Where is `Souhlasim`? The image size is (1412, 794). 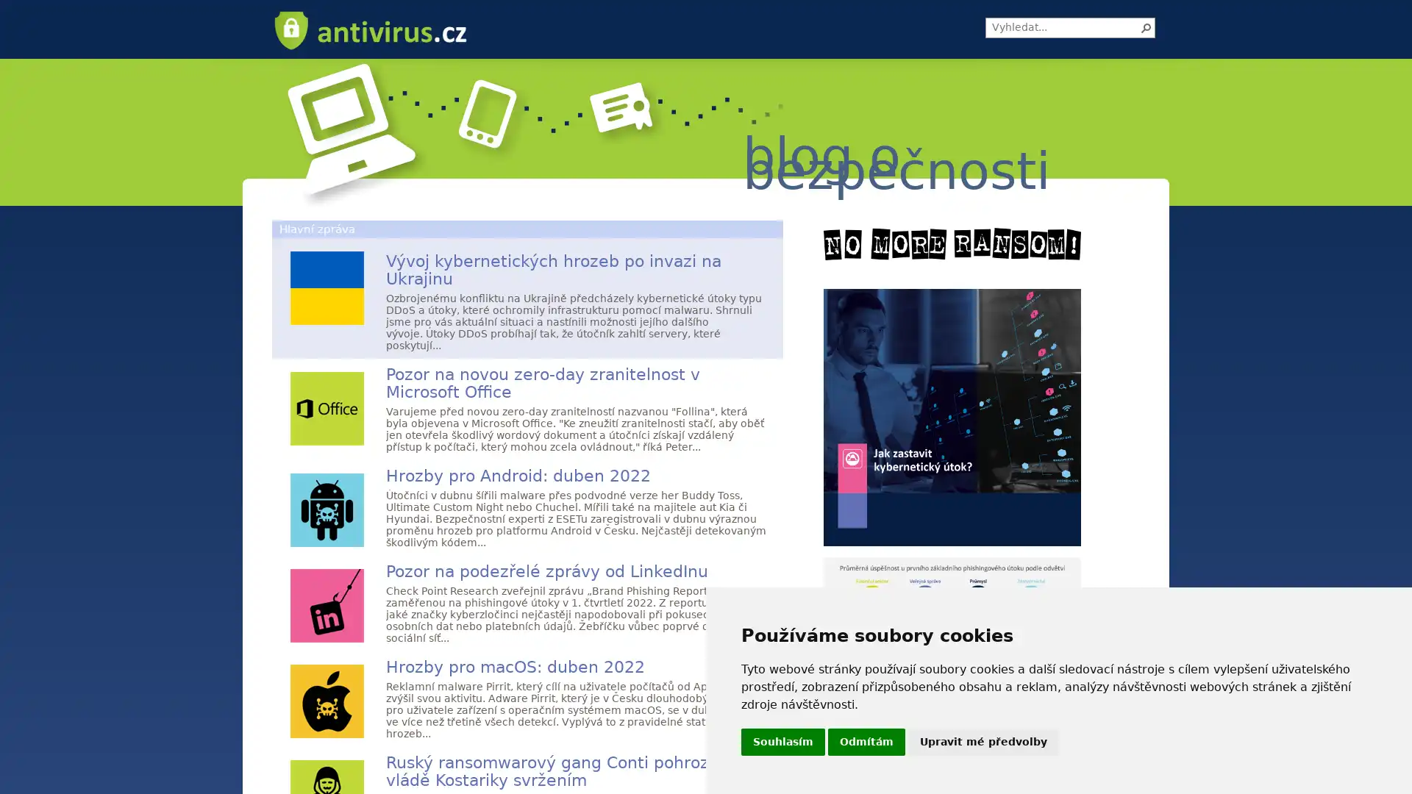
Souhlasim is located at coordinates (782, 742).